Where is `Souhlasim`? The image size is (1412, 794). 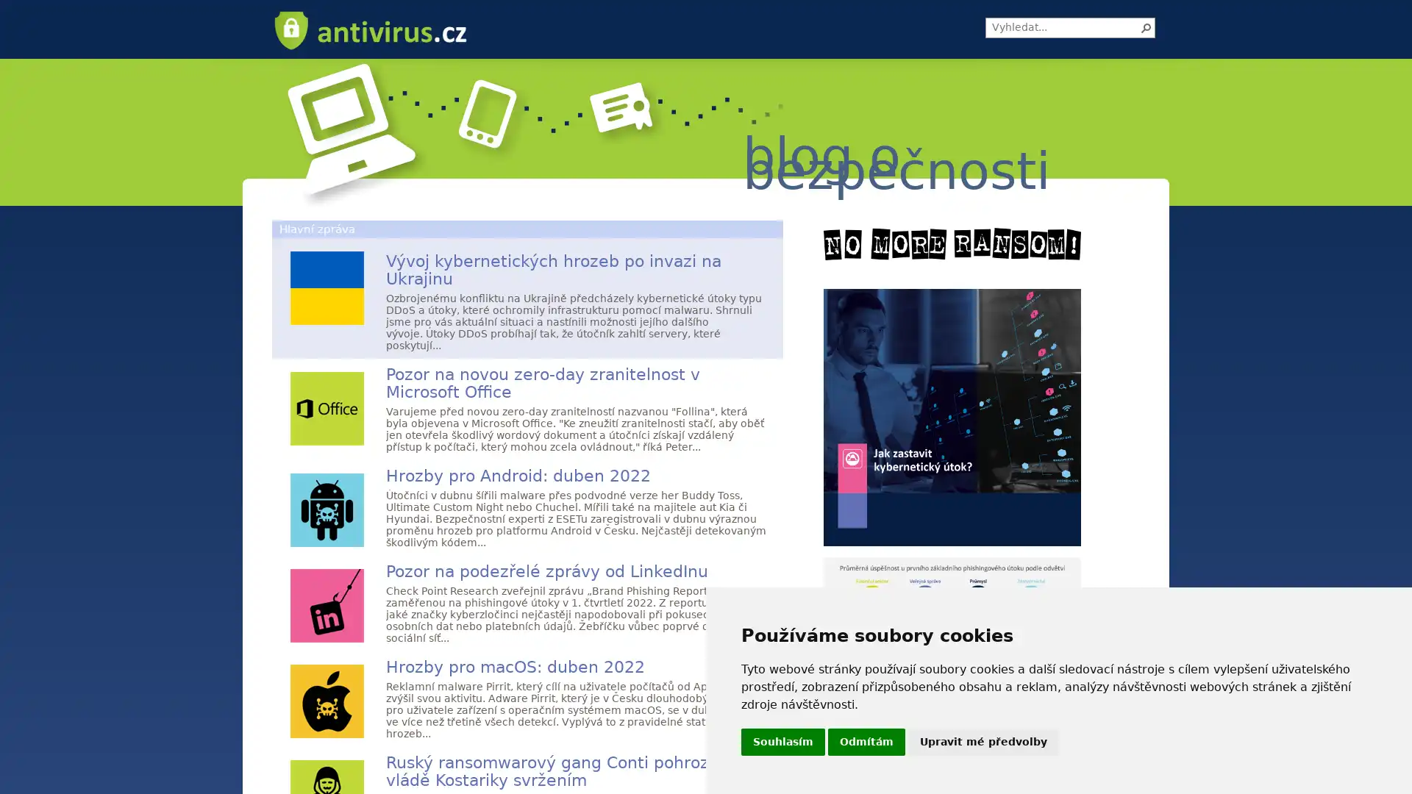
Souhlasim is located at coordinates (782, 742).